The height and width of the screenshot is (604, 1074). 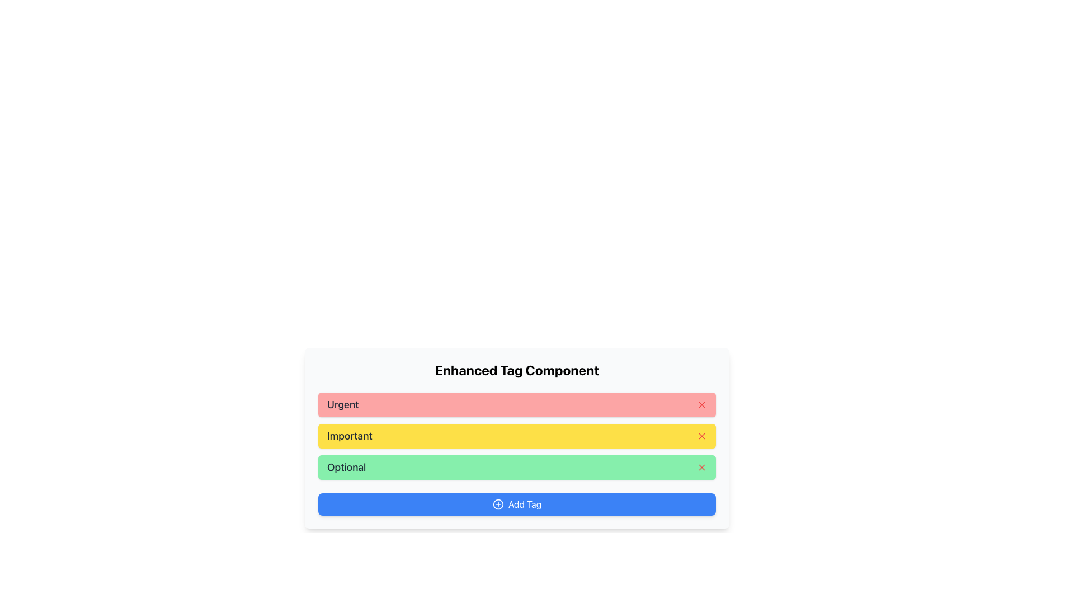 I want to click on the red 'x' icon button located at the far-right of the 'Important' row under the 'Enhanced Tag Component' section, so click(x=701, y=435).